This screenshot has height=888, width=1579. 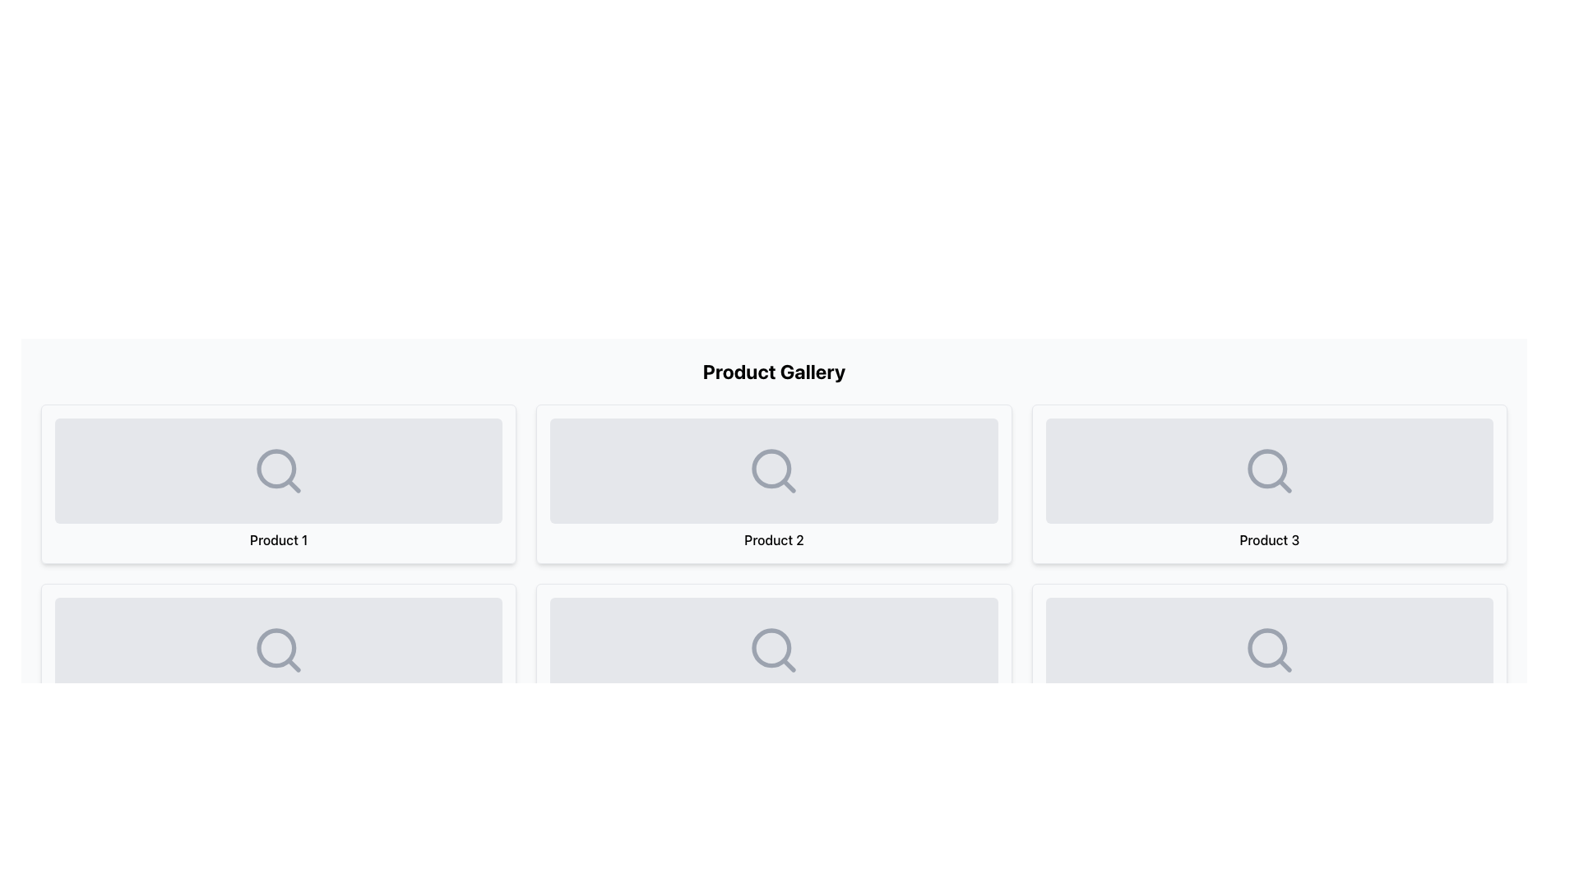 I want to click on the product card element containing the gray magnifying glass icon and labeled 'Product 3', located in the top row of the grid layout, so click(x=1268, y=483).